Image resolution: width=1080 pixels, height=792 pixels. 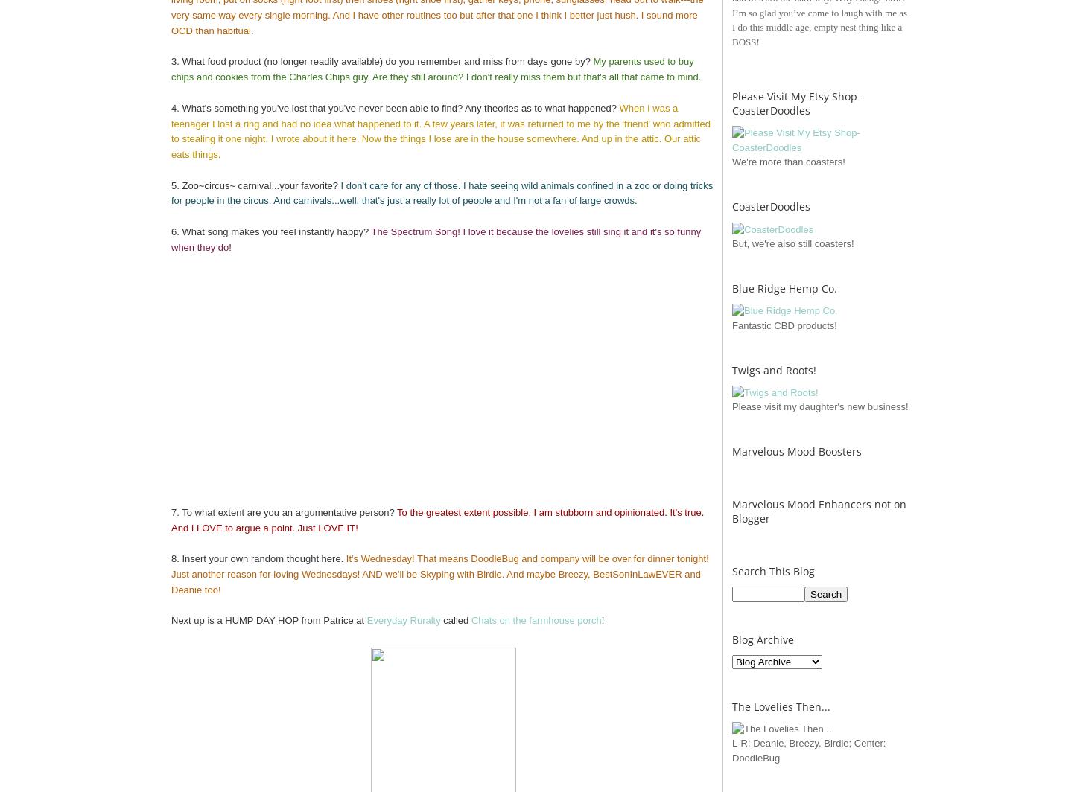 What do you see at coordinates (731, 369) in the screenshot?
I see `'Twigs and Roots!'` at bounding box center [731, 369].